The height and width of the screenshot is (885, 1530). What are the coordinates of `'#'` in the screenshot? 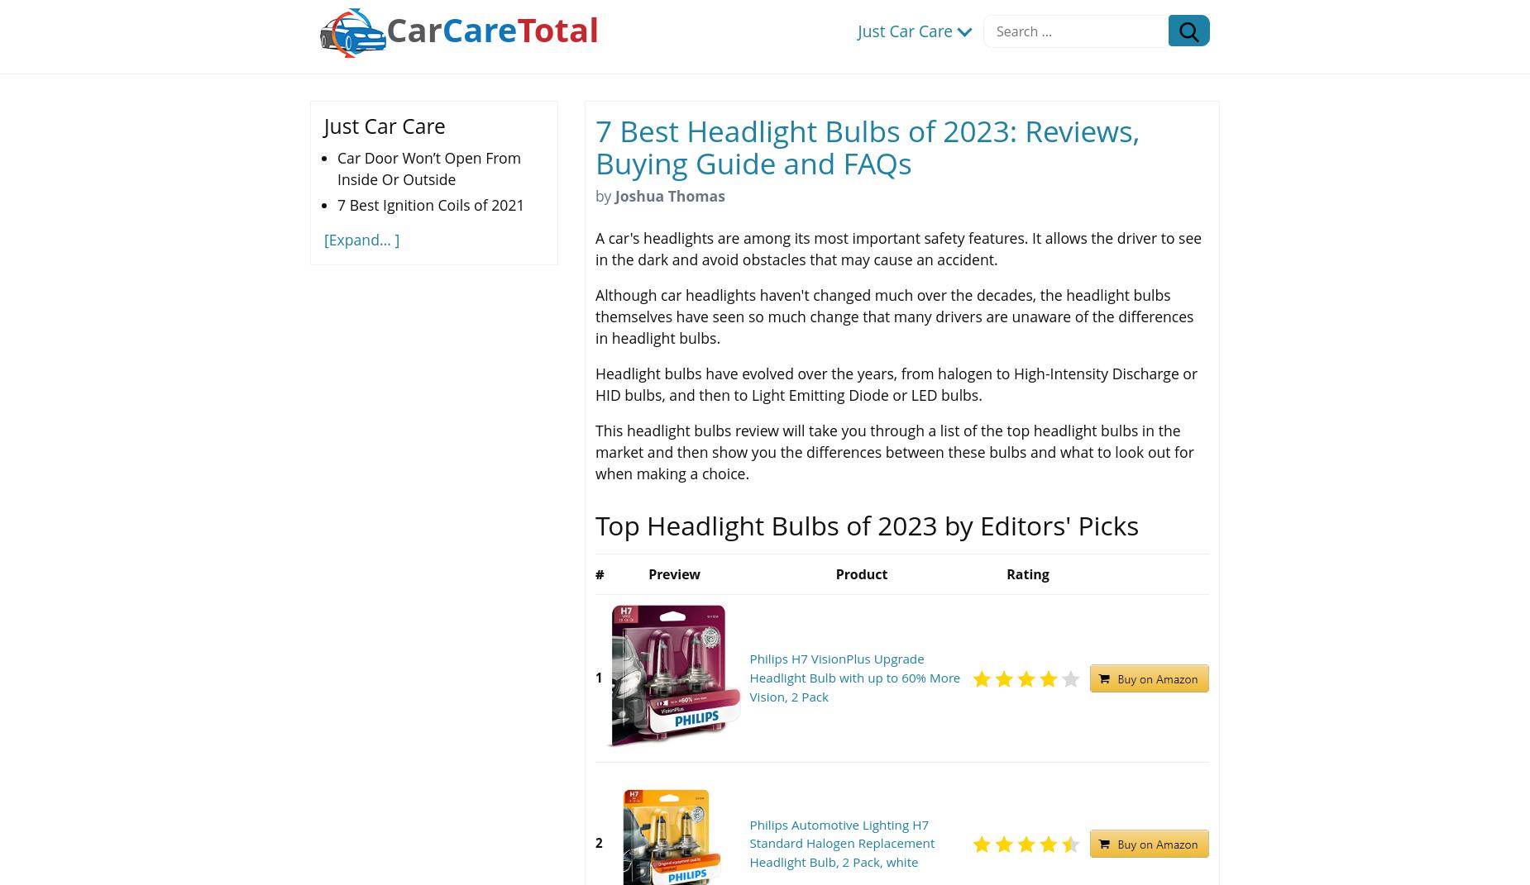 It's located at (600, 573).